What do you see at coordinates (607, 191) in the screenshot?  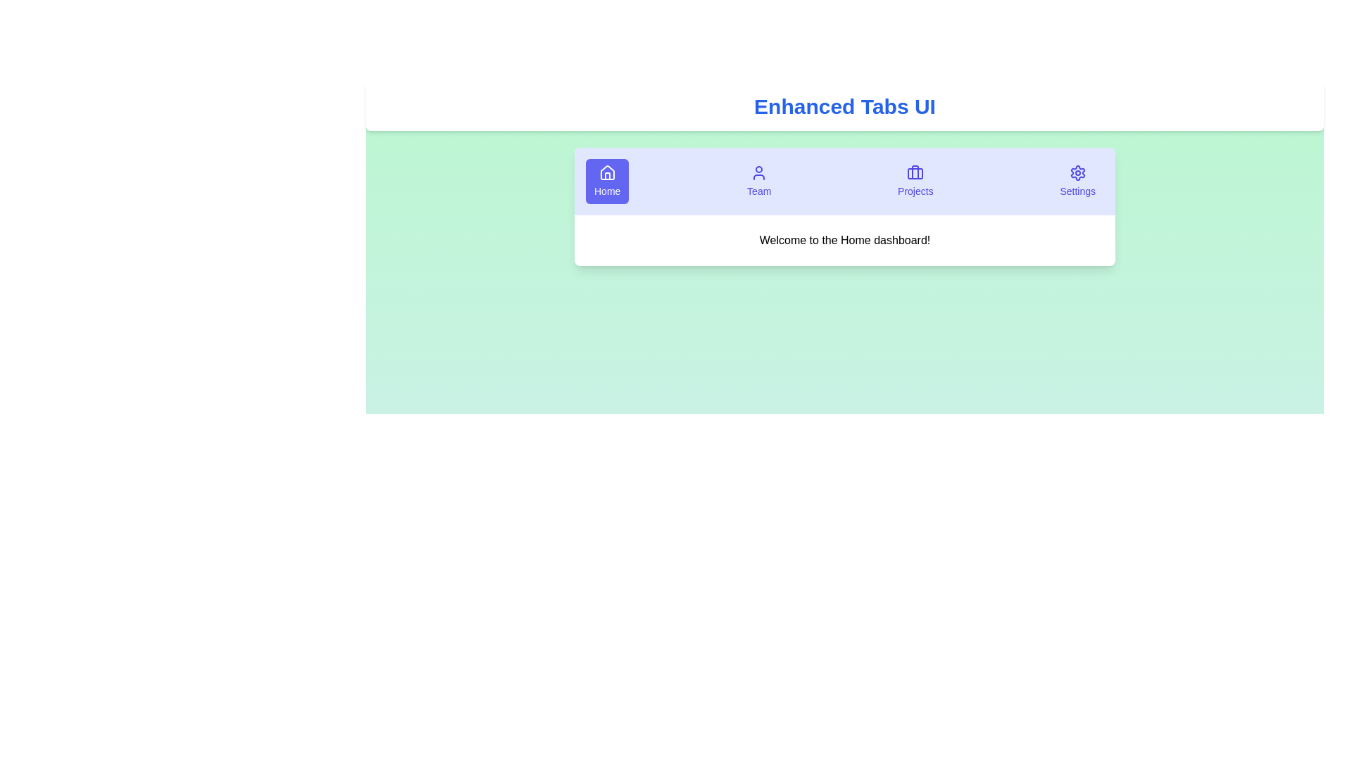 I see `the 'Home' text label located below the house icon on the navigation bar` at bounding box center [607, 191].